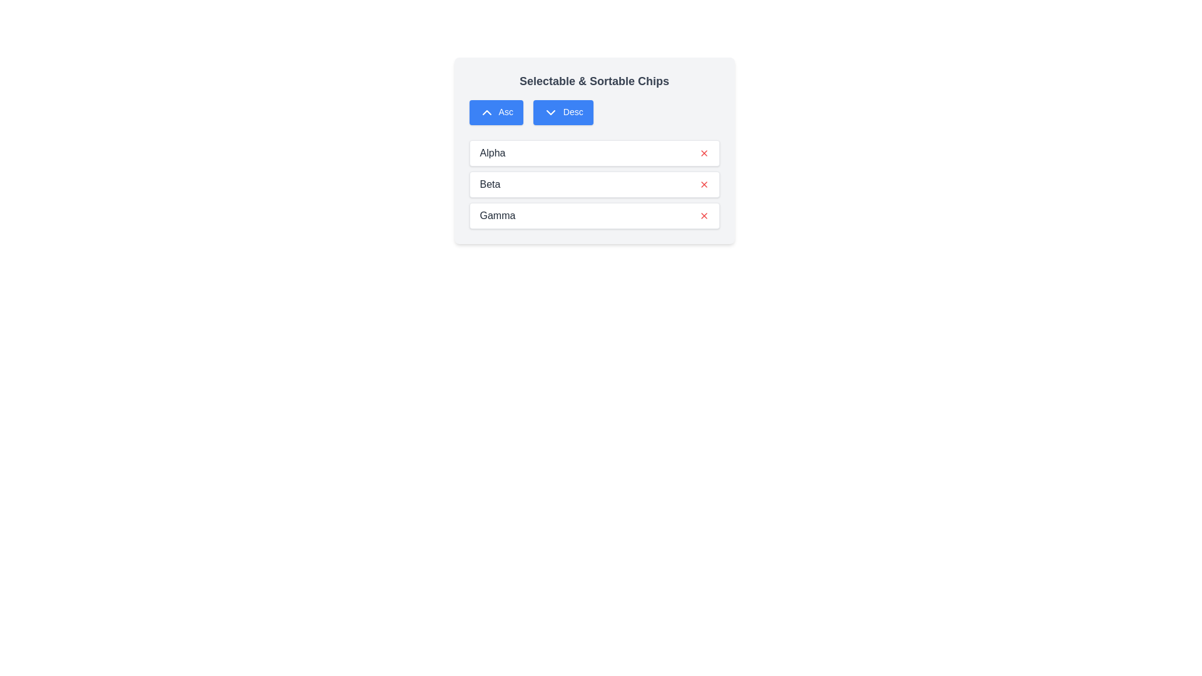 The image size is (1202, 676). What do you see at coordinates (704, 153) in the screenshot?
I see `the remove button for the item labeled Alpha` at bounding box center [704, 153].